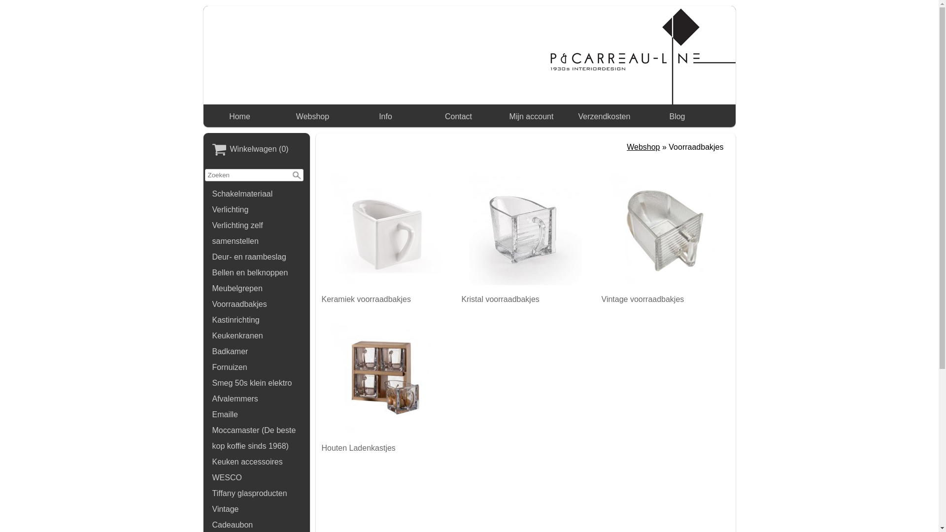 This screenshot has width=946, height=532. I want to click on 'Mijn account', so click(497, 116).